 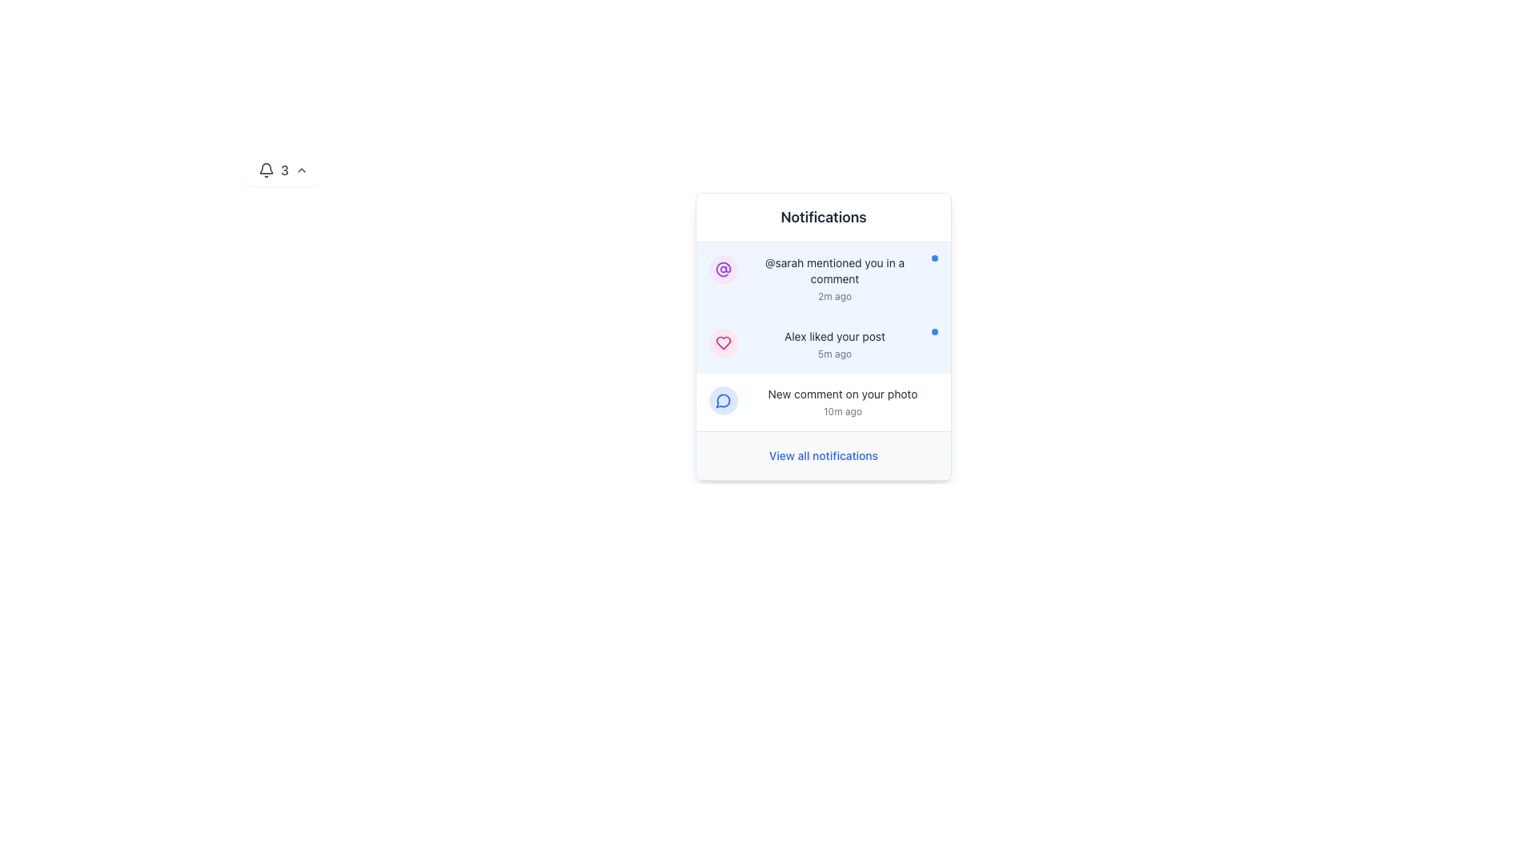 What do you see at coordinates (833, 270) in the screenshot?
I see `the text '@sarah mentioned you in a comment' located in the notification card at the top of the notification list` at bounding box center [833, 270].